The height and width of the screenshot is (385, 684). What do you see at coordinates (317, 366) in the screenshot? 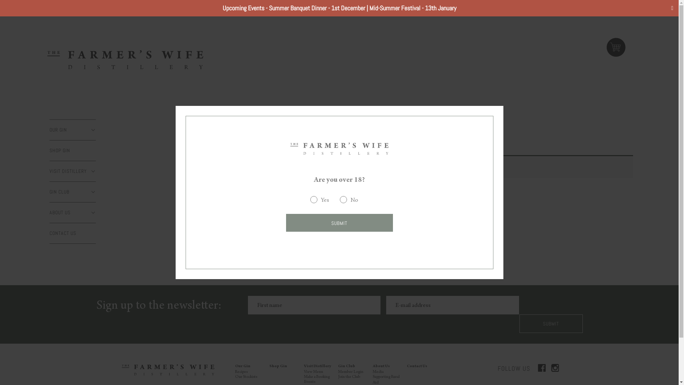
I see `'Visit Distillery'` at bounding box center [317, 366].